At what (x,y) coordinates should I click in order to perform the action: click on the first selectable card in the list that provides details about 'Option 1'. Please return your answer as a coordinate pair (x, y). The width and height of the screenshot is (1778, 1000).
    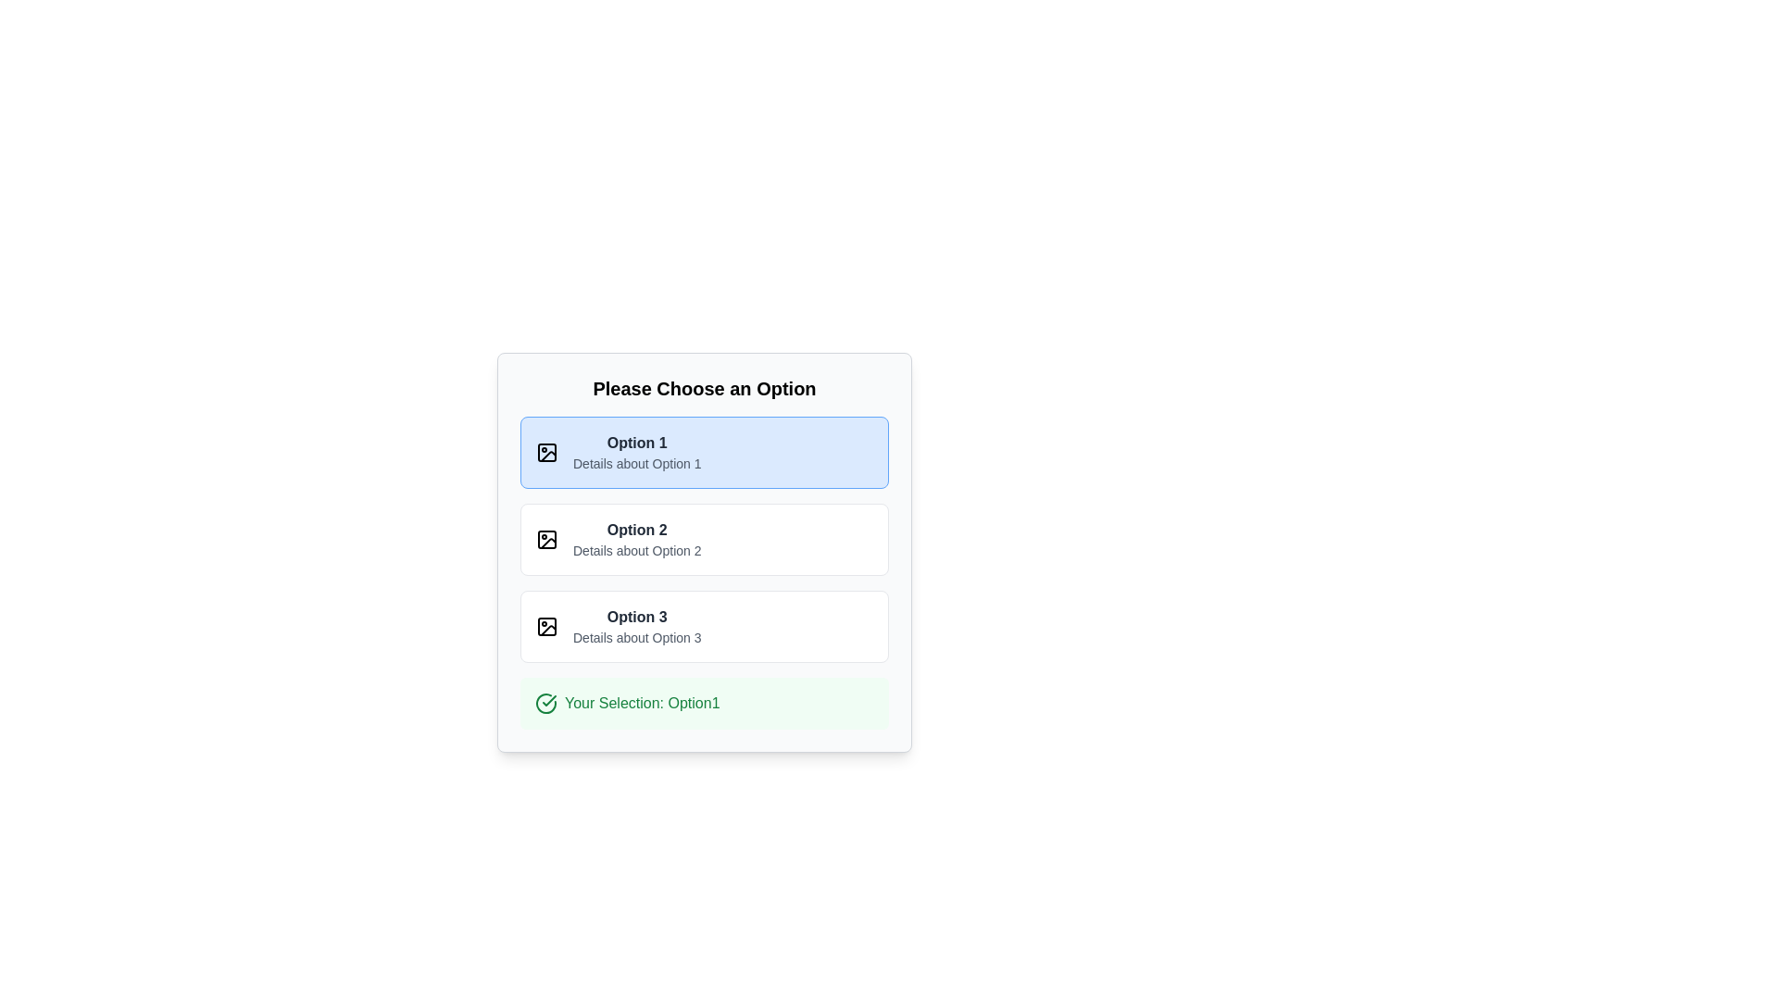
    Looking at the image, I should click on (704, 453).